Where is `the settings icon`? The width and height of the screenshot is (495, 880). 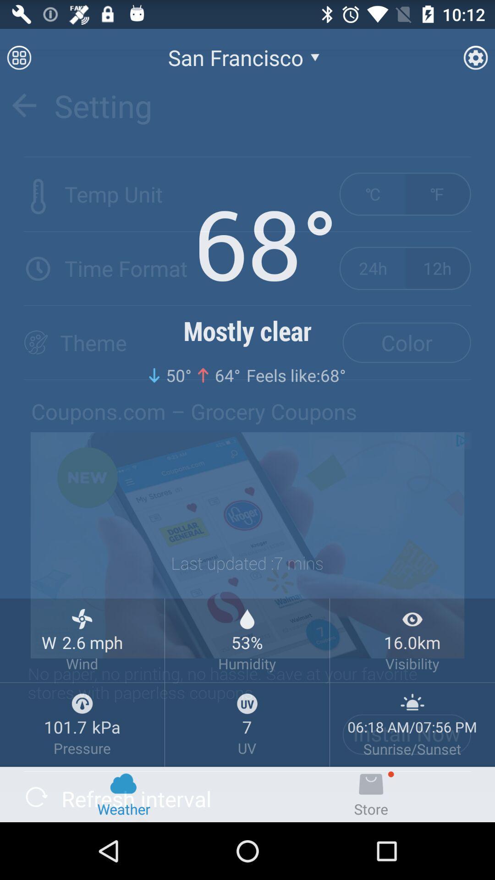 the settings icon is located at coordinates (475, 61).